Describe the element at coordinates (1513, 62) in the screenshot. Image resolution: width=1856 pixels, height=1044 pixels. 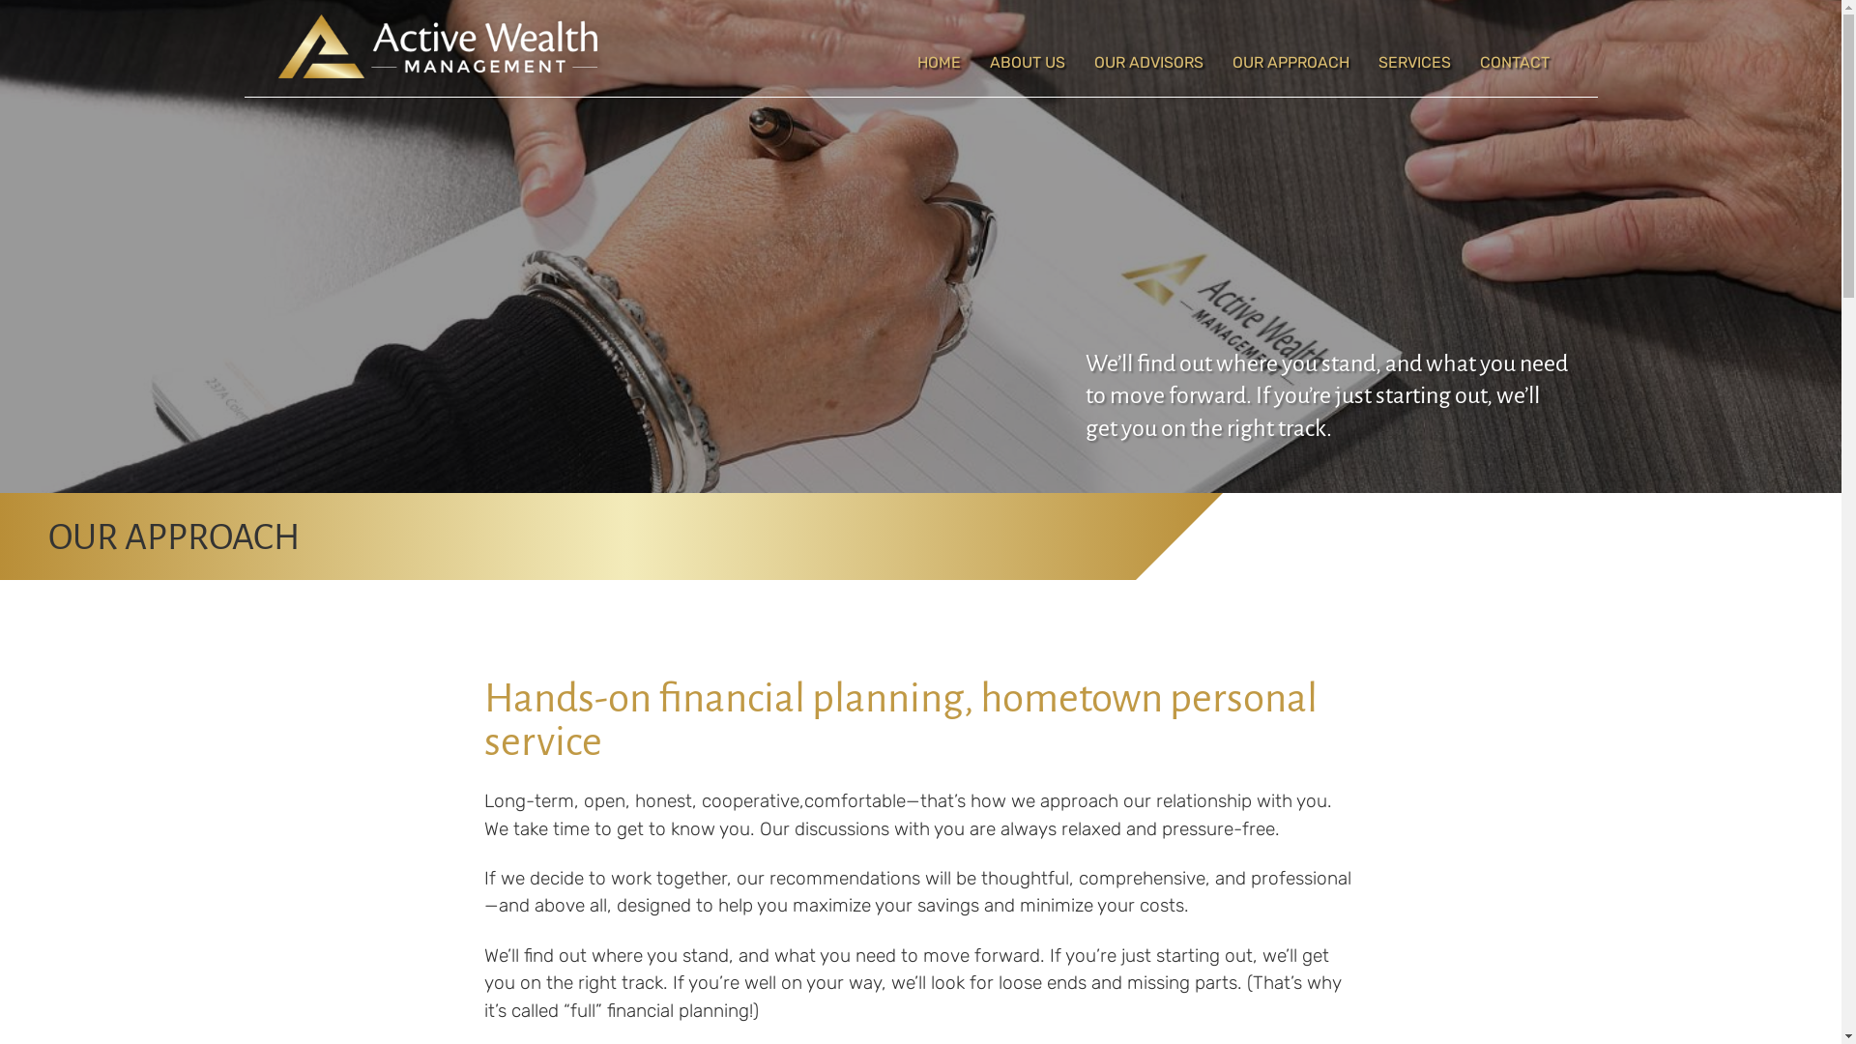
I see `'CONTACT'` at that location.